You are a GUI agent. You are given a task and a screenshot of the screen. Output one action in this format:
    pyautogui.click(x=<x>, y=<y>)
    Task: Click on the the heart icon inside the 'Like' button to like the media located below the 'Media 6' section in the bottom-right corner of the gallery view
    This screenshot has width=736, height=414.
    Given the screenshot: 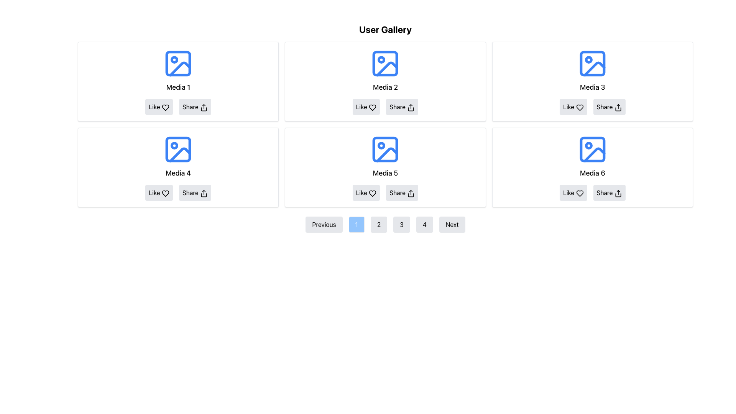 What is the action you would take?
    pyautogui.click(x=580, y=193)
    